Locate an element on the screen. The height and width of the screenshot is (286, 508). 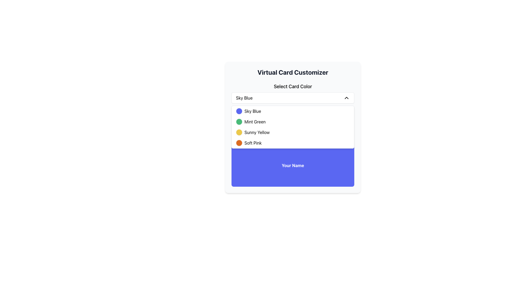
the chevron-up icon with a thin black stroke located on the right side of the dropdown component labeled 'Sky Blue' is located at coordinates (347, 98).